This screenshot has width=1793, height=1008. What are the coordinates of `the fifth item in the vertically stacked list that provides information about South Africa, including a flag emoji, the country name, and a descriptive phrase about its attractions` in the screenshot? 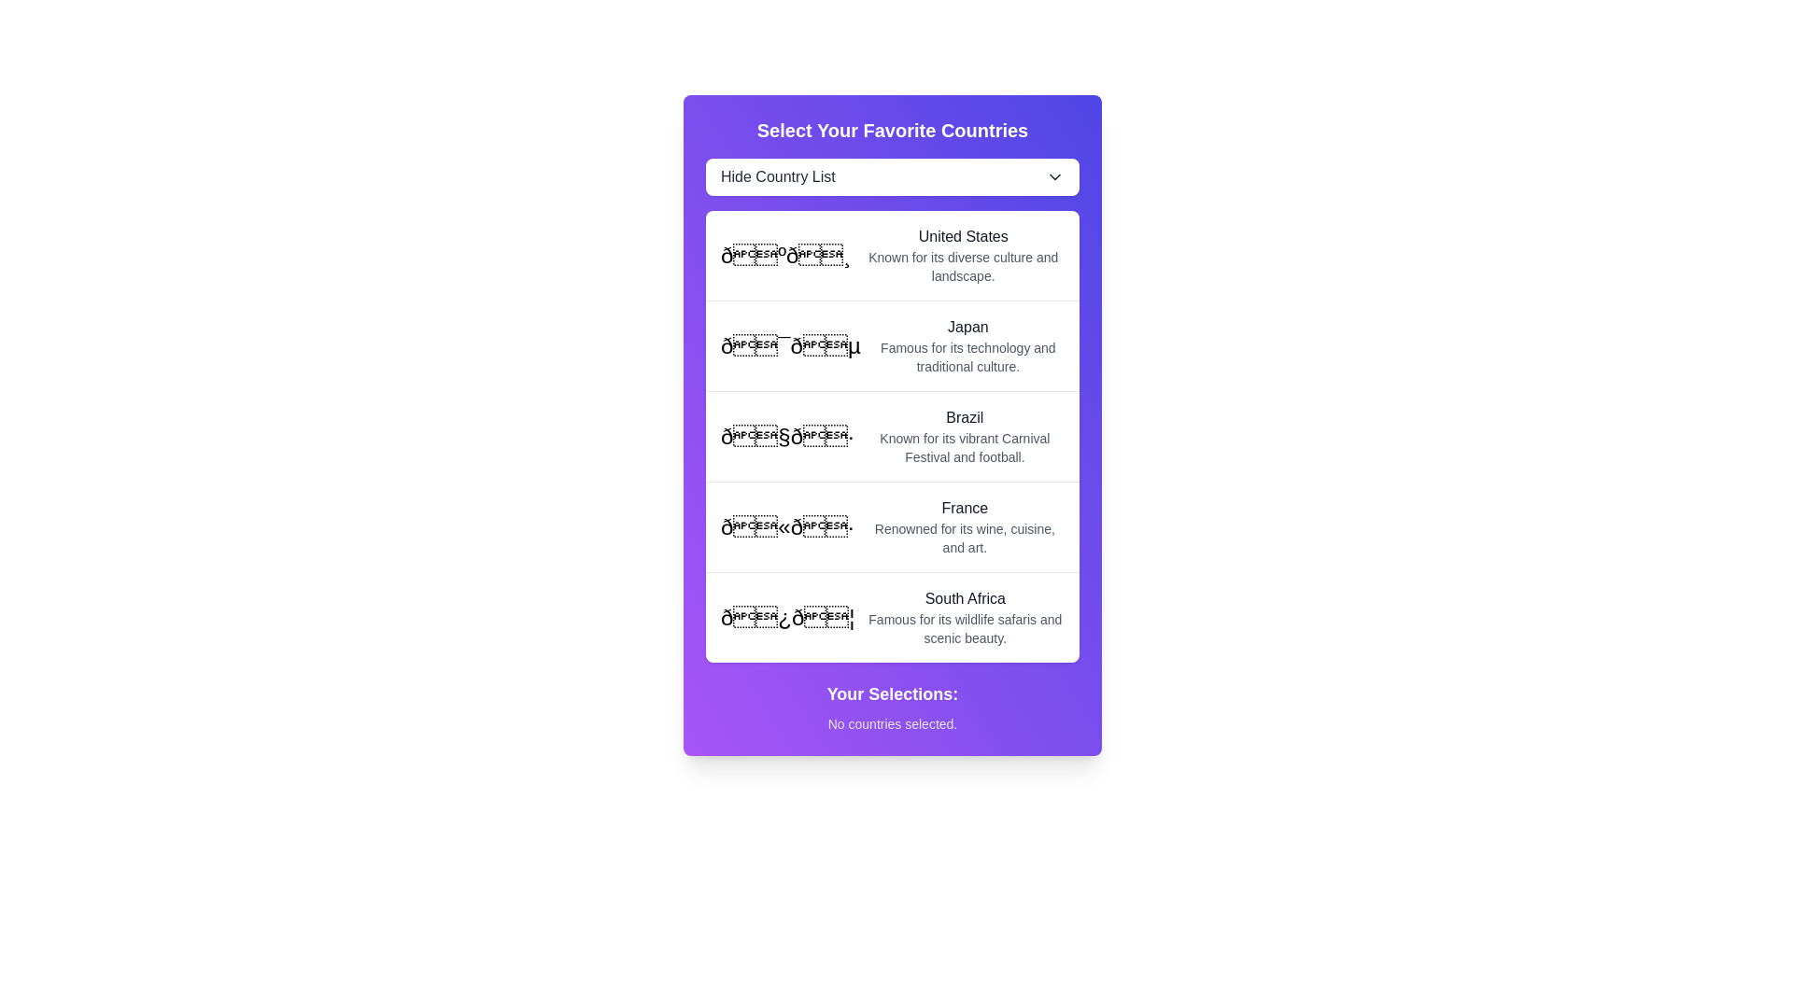 It's located at (891, 616).